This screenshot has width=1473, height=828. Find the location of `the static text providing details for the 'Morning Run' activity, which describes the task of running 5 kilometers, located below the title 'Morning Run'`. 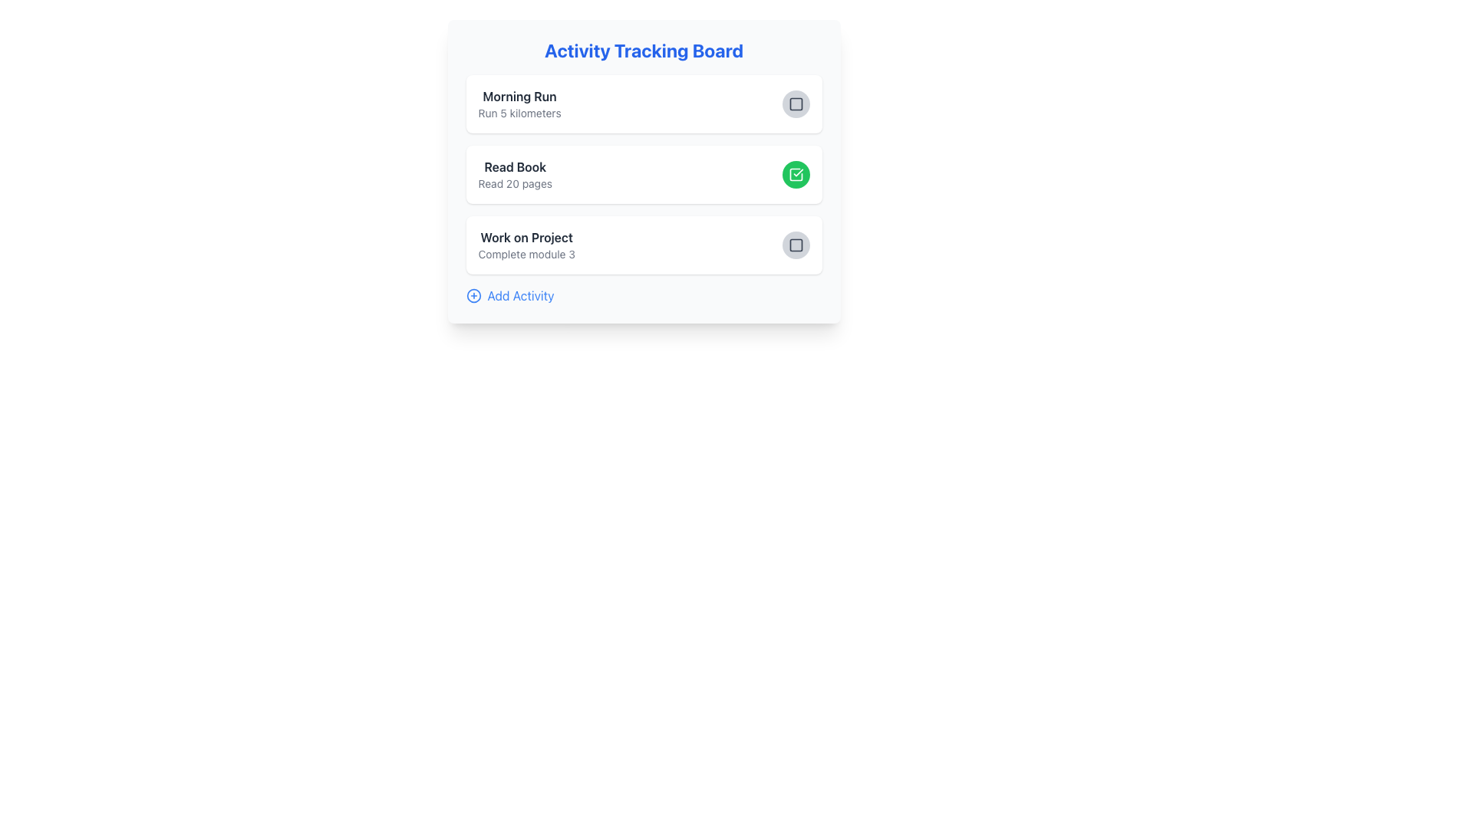

the static text providing details for the 'Morning Run' activity, which describes the task of running 5 kilometers, located below the title 'Morning Run' is located at coordinates (519, 112).